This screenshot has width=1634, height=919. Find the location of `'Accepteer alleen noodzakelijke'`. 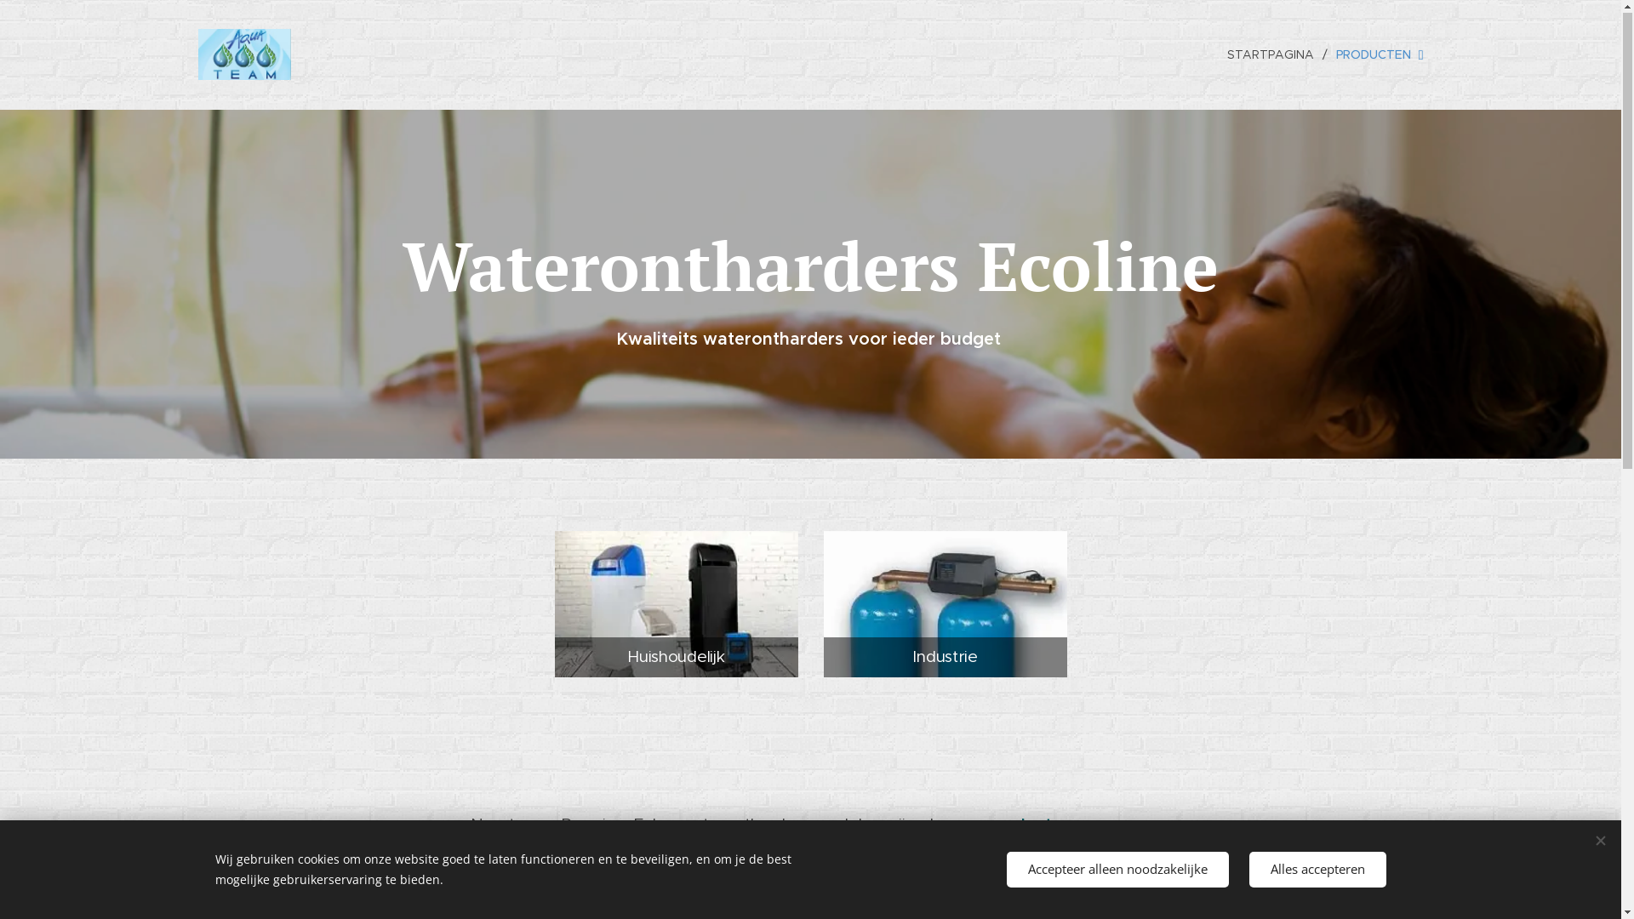

'Accepteer alleen noodzakelijke' is located at coordinates (1117, 870).